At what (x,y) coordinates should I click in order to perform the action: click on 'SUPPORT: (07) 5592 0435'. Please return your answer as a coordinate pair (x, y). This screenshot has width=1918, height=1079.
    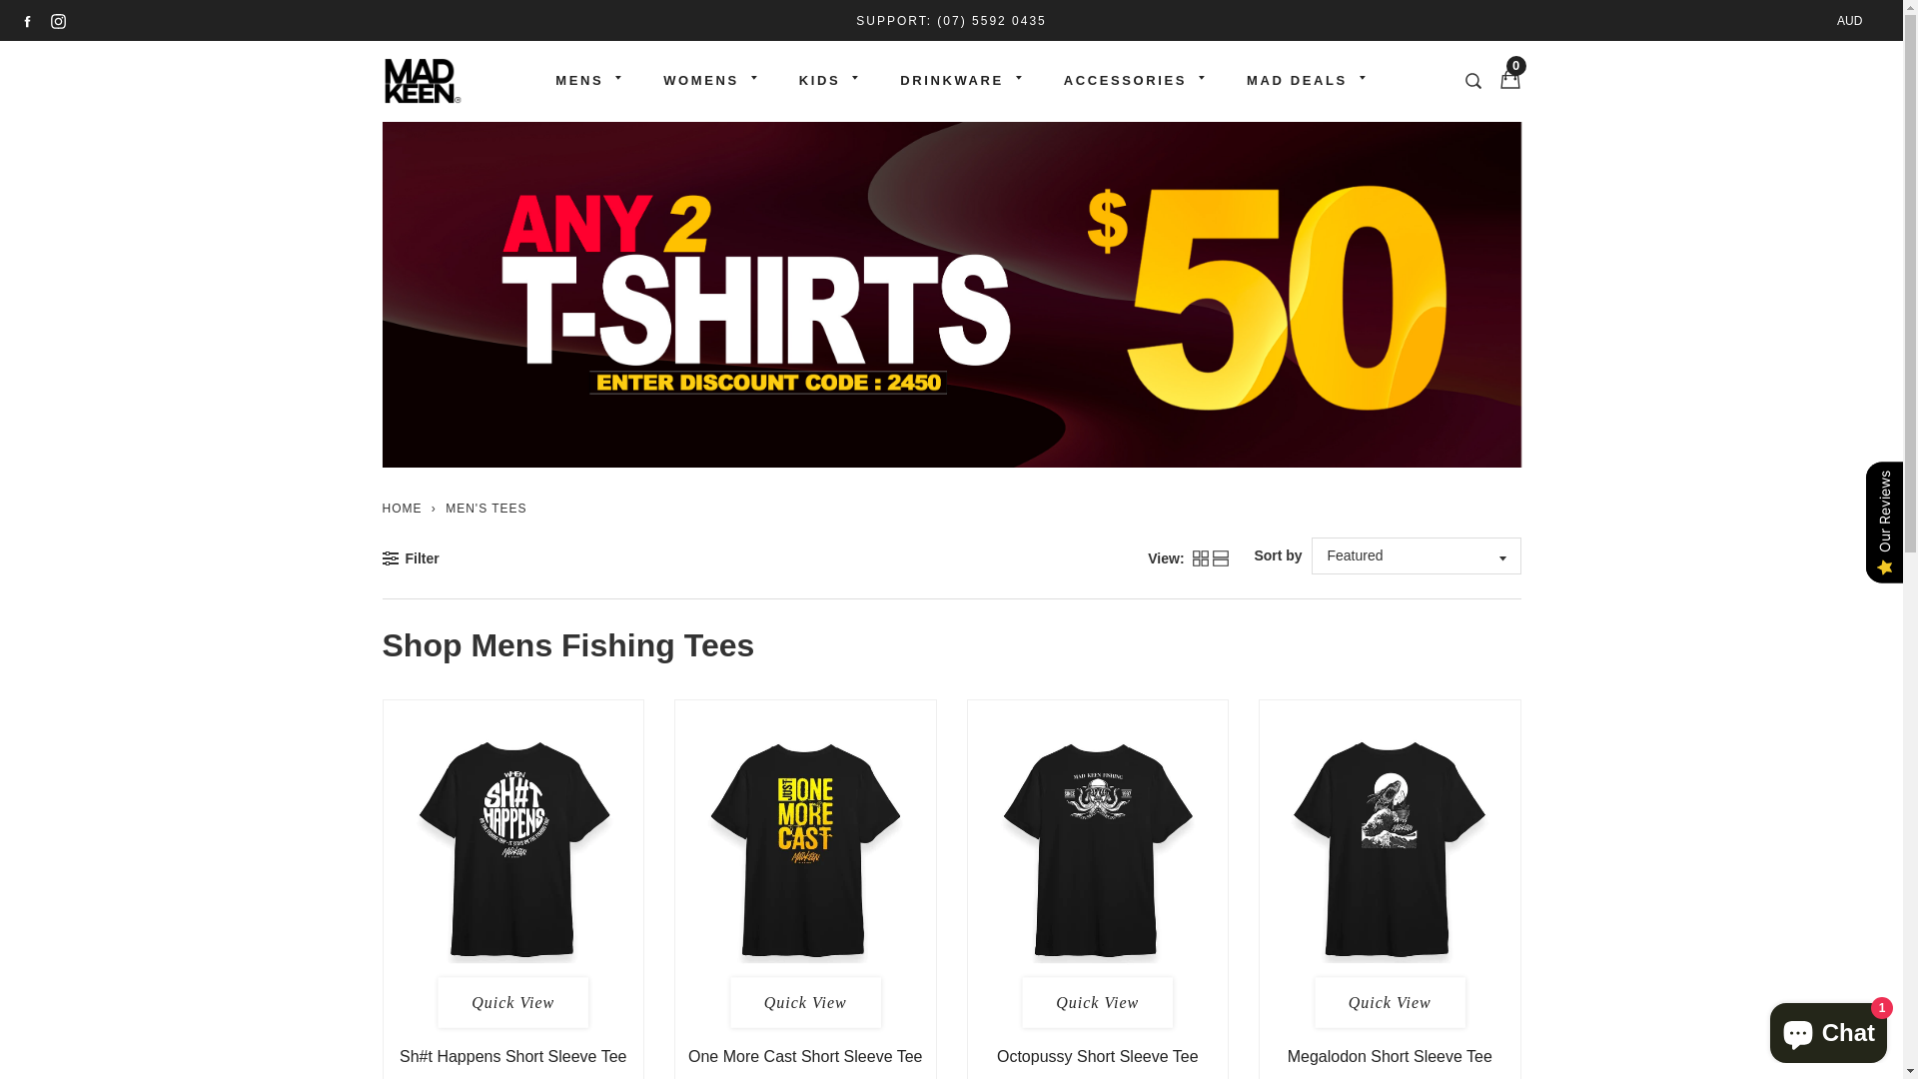
    Looking at the image, I should click on (856, 20).